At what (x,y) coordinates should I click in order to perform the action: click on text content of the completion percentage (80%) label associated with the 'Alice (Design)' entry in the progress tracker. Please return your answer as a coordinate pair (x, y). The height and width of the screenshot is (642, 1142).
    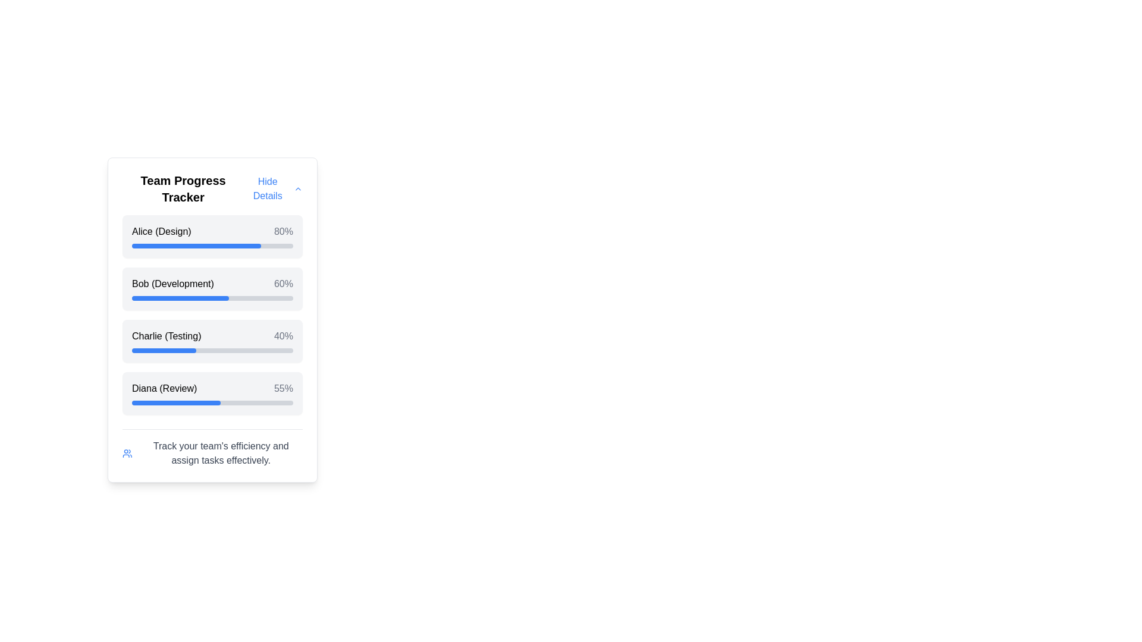
    Looking at the image, I should click on (283, 231).